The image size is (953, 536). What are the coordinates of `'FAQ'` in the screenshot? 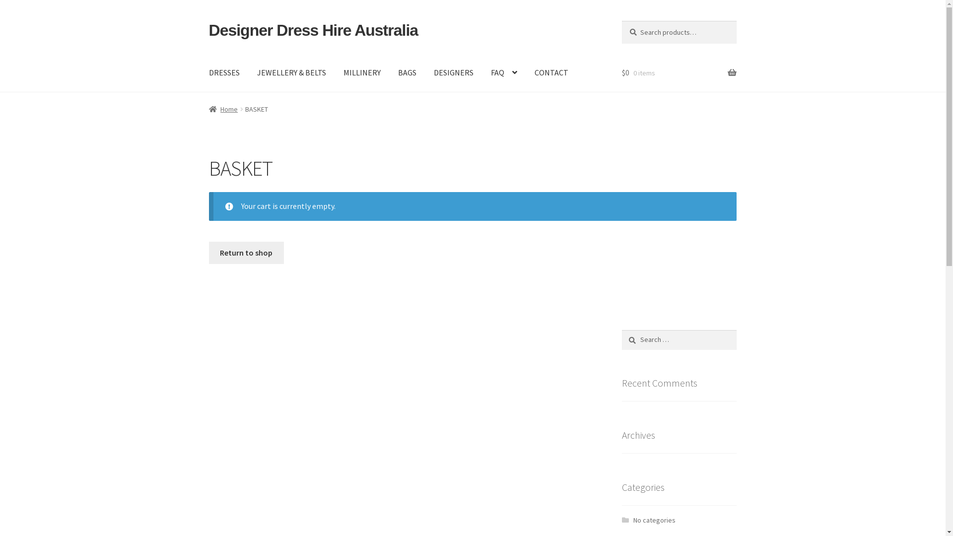 It's located at (504, 72).